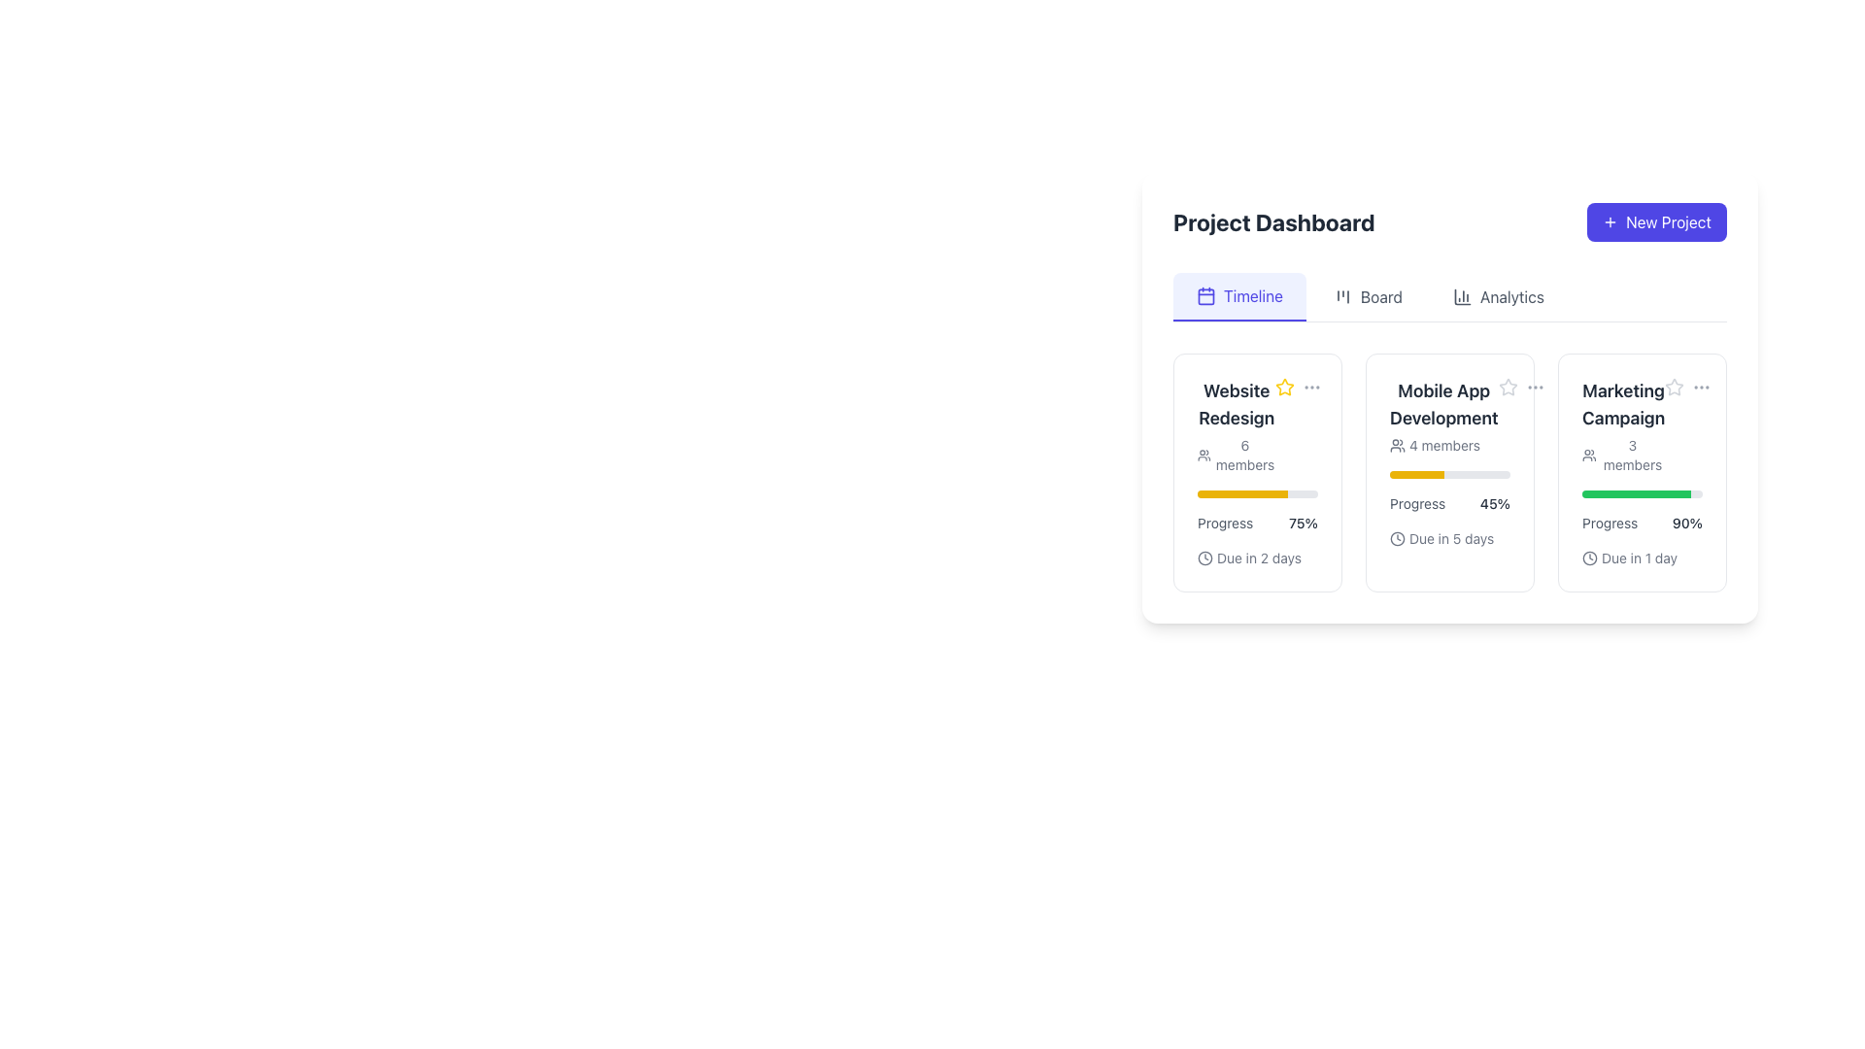 This screenshot has width=1865, height=1049. I want to click on the 'Project Dashboard' text label, which serves as the header indicating the current section of the page, so click(1273, 220).